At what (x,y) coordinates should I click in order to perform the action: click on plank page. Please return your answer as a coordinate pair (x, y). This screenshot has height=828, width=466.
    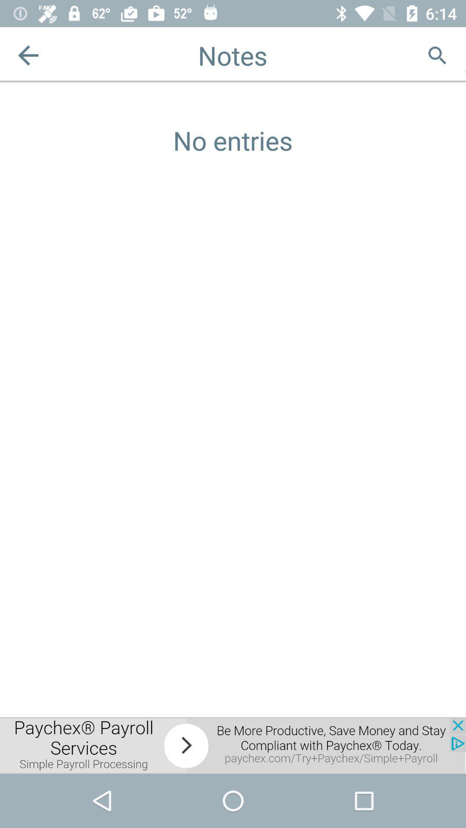
    Looking at the image, I should click on (465, 55).